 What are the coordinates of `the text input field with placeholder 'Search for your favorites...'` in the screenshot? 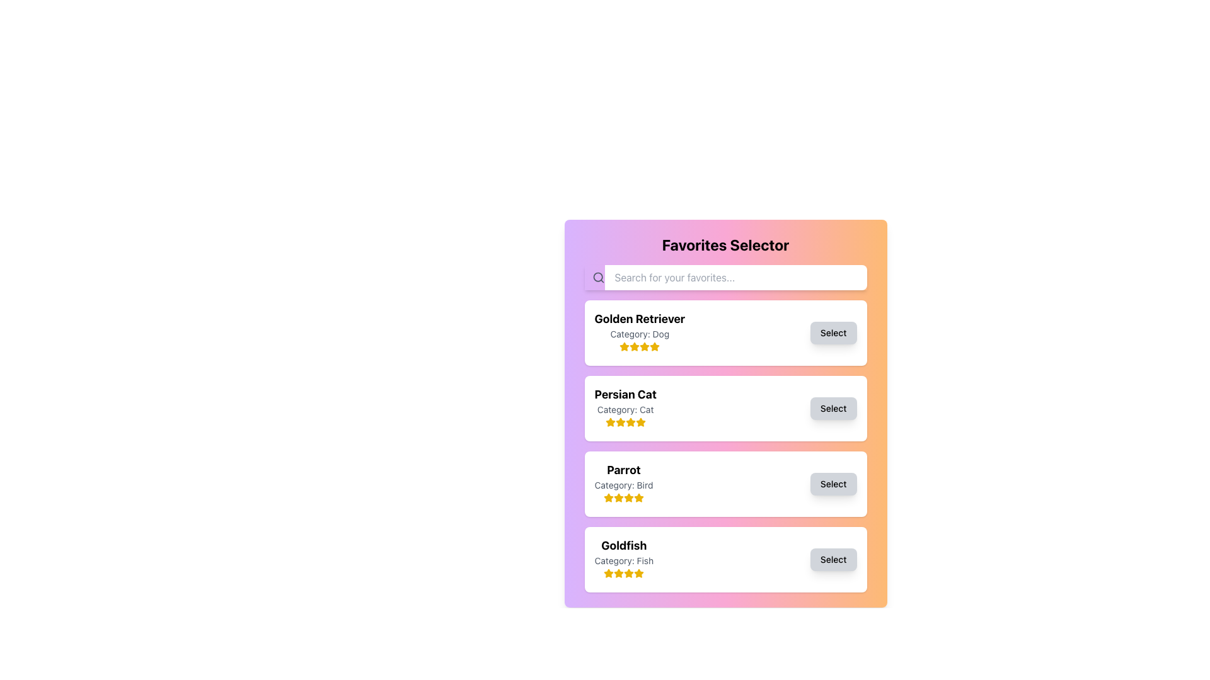 It's located at (725, 276).